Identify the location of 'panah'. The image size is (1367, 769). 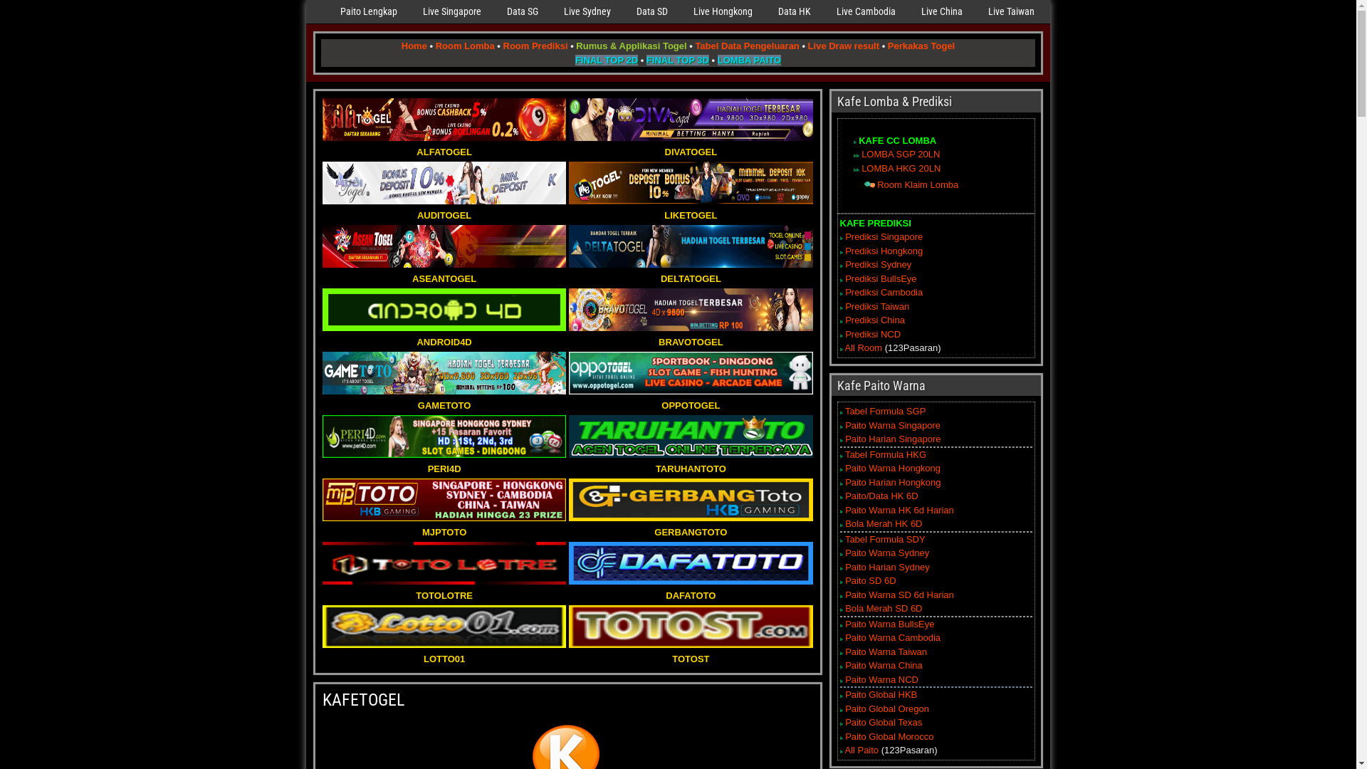
(857, 169).